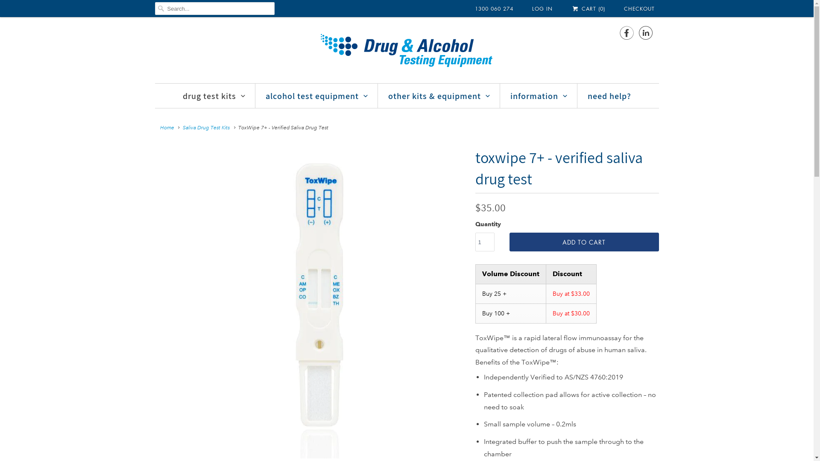  I want to click on 'ADD TO CART', so click(583, 242).